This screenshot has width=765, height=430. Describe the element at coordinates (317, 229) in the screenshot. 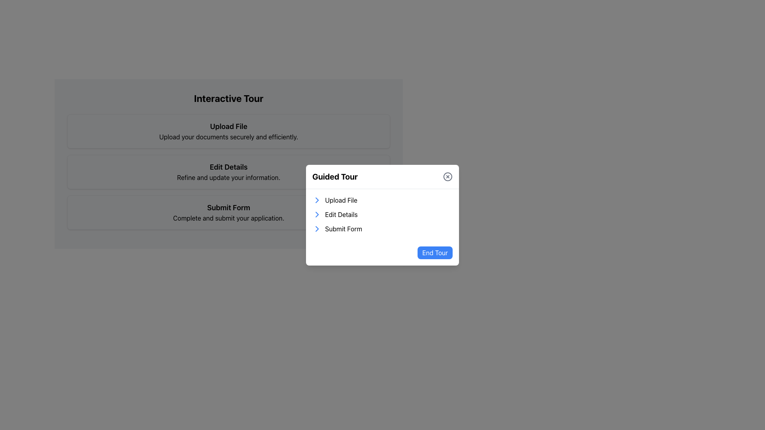

I see `the rightward-pointing blue chevron icon next to the 'Submit Form' text` at that location.